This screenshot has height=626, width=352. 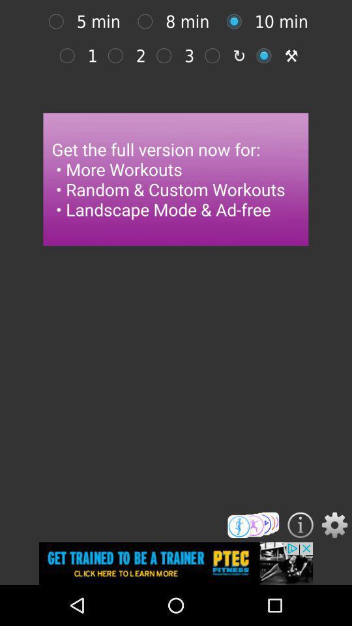 What do you see at coordinates (301, 525) in the screenshot?
I see `get information` at bounding box center [301, 525].